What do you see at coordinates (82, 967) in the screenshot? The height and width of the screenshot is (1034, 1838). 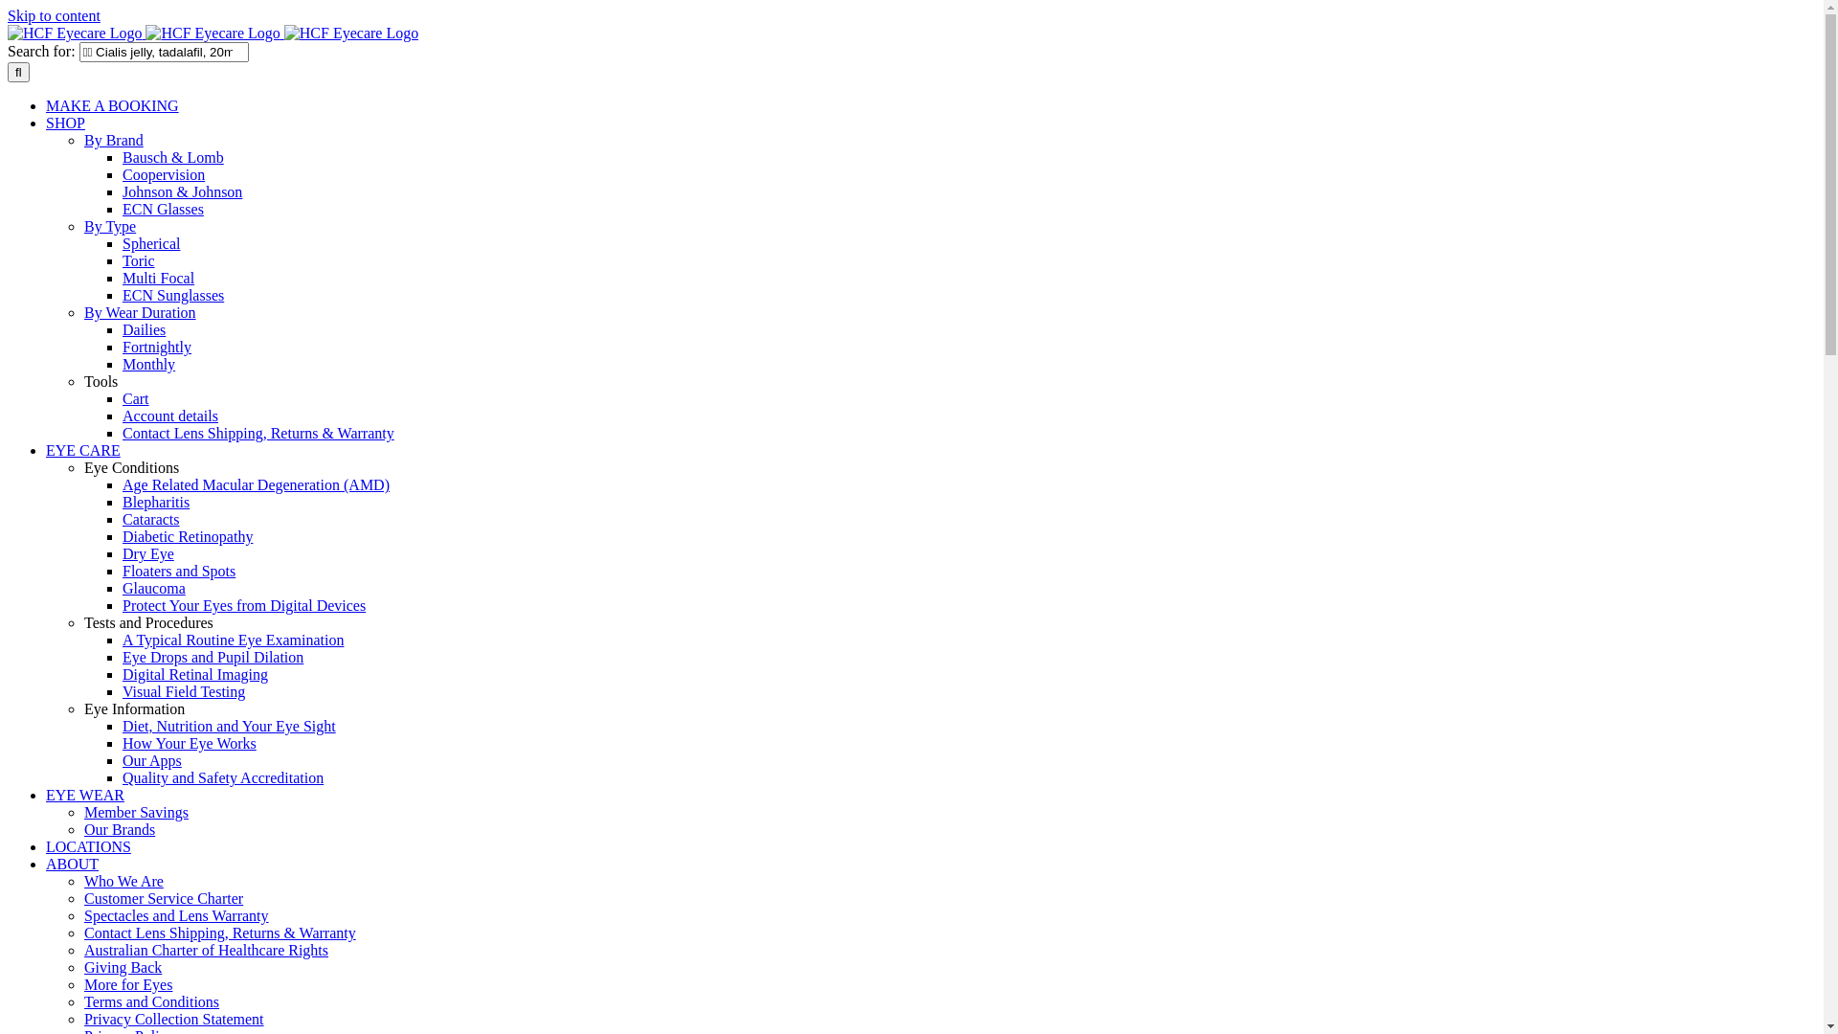 I see `'Giving Back'` at bounding box center [82, 967].